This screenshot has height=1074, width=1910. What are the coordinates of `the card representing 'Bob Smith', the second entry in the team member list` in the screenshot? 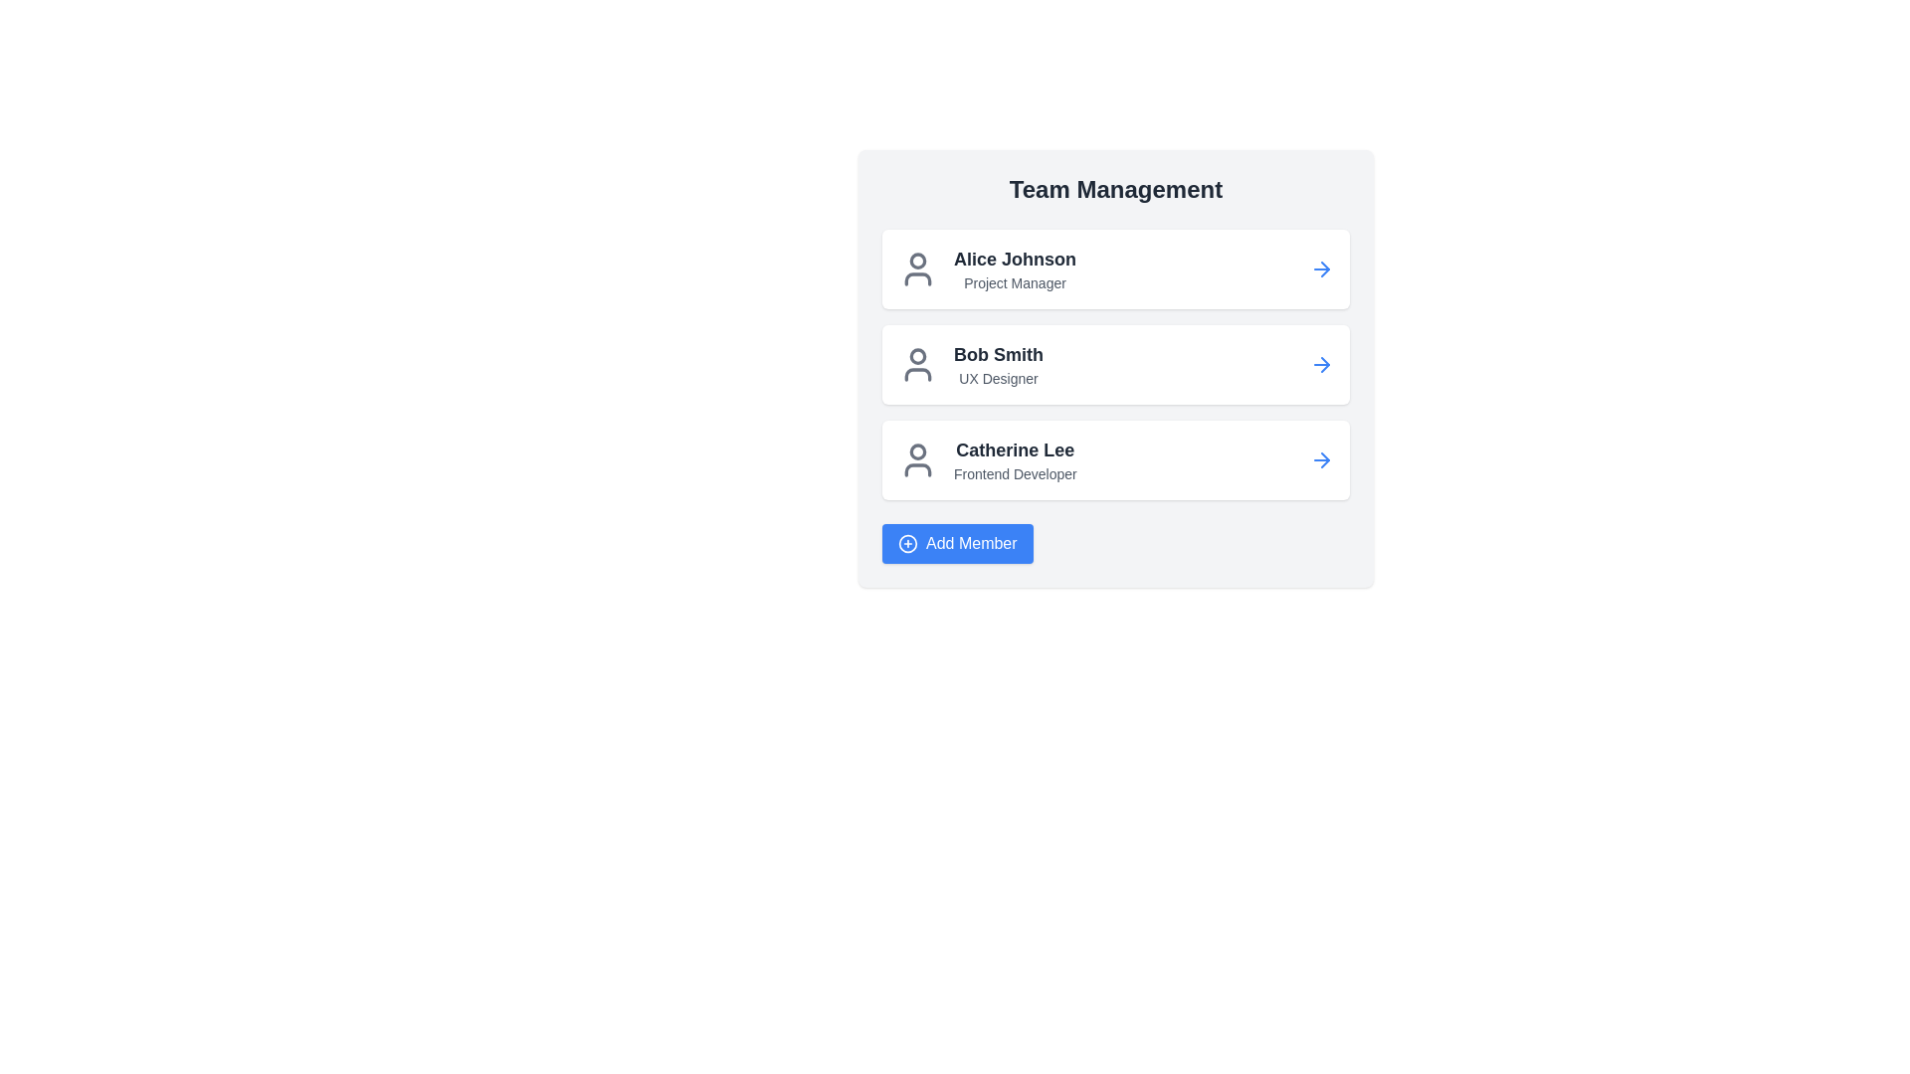 It's located at (1116, 364).